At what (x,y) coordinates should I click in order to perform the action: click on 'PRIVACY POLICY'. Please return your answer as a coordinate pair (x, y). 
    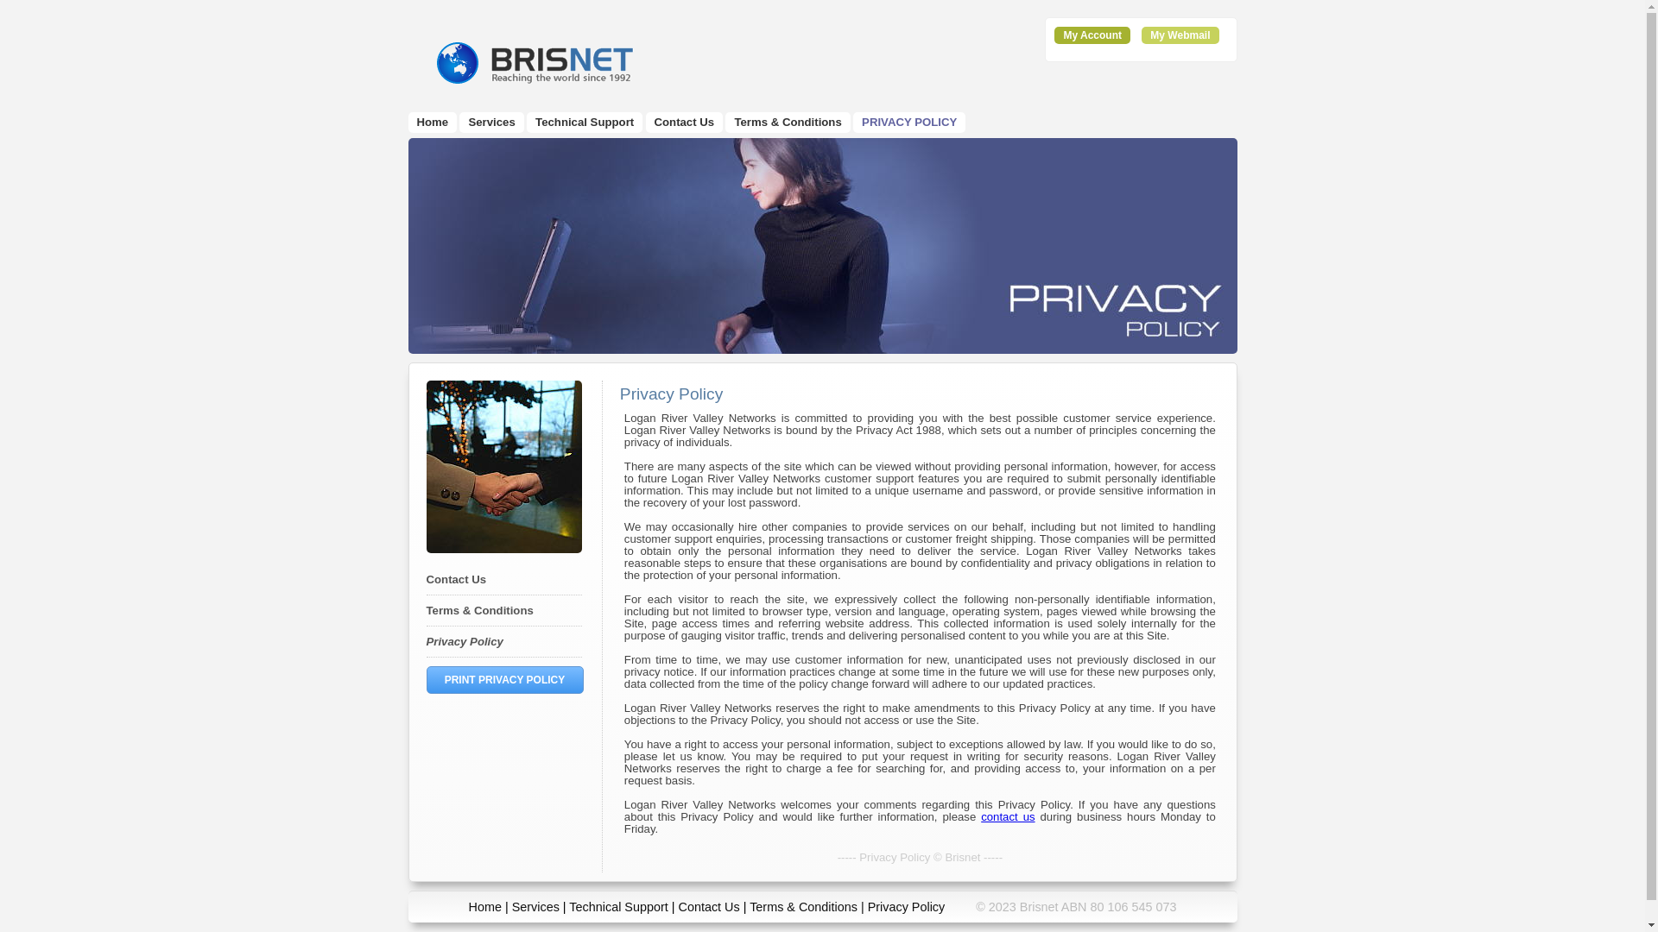
    Looking at the image, I should click on (908, 121).